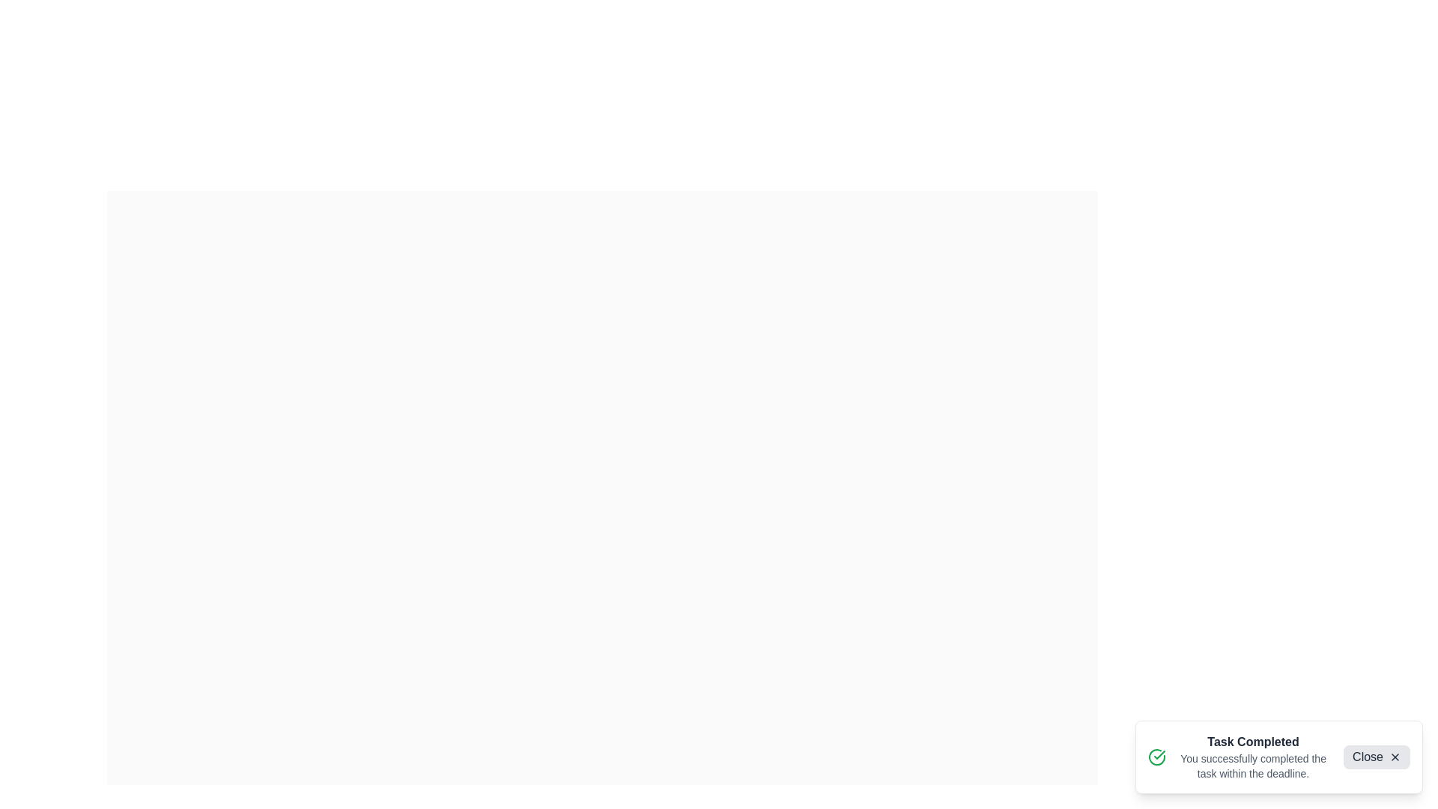 This screenshot has height=809, width=1438. What do you see at coordinates (1377, 757) in the screenshot?
I see `the 'Close' button of the snackbar to close it` at bounding box center [1377, 757].